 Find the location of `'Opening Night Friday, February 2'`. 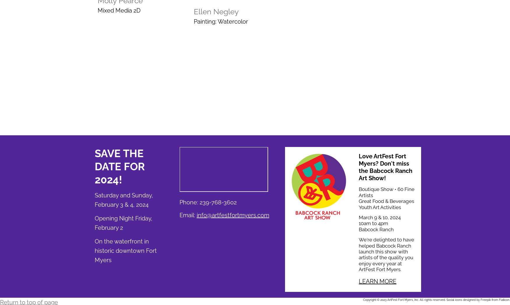

'Opening Night Friday, February 2' is located at coordinates (94, 223).